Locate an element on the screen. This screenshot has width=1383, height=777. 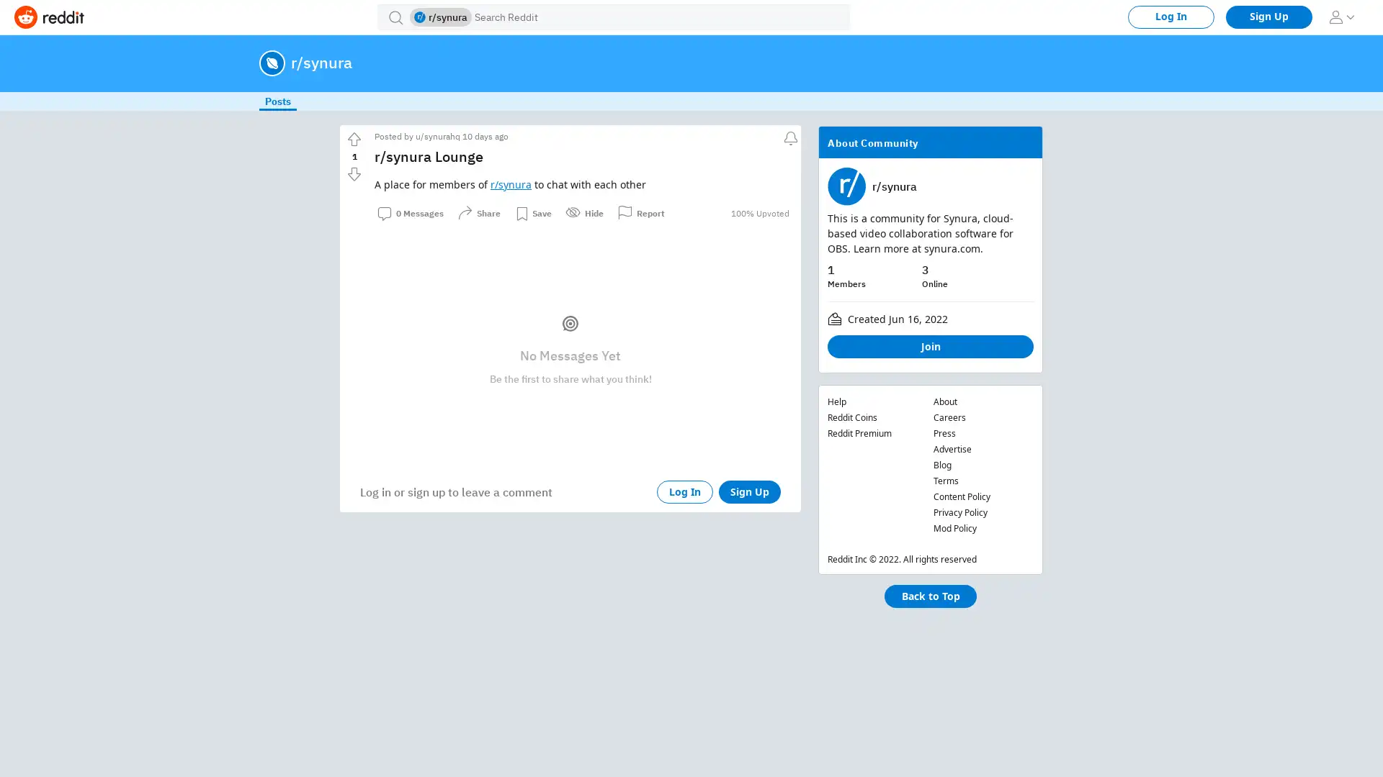
Follow post to stay updated is located at coordinates (788, 136).